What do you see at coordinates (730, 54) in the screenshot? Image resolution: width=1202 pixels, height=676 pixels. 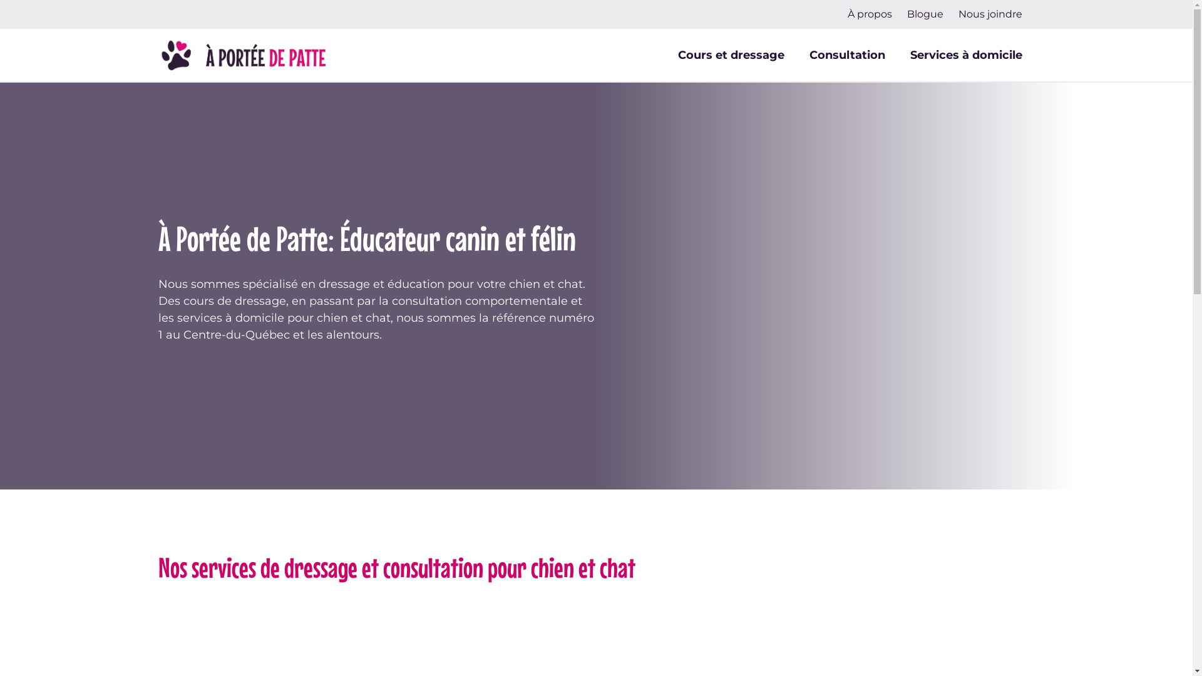 I see `'Cours et dressage'` at bounding box center [730, 54].